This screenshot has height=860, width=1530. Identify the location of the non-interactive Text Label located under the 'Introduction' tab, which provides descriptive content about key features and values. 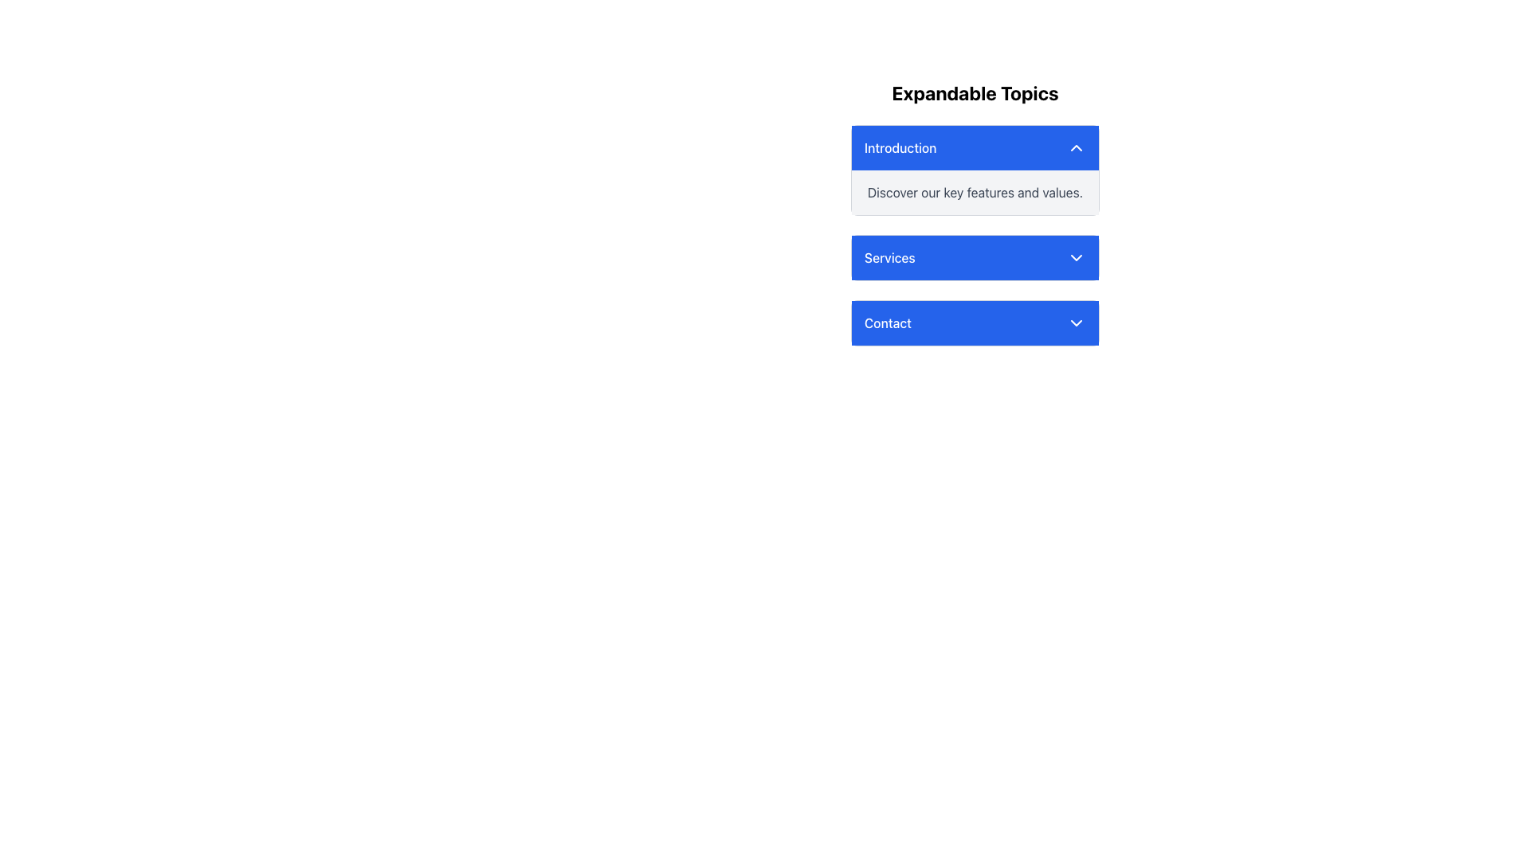
(975, 192).